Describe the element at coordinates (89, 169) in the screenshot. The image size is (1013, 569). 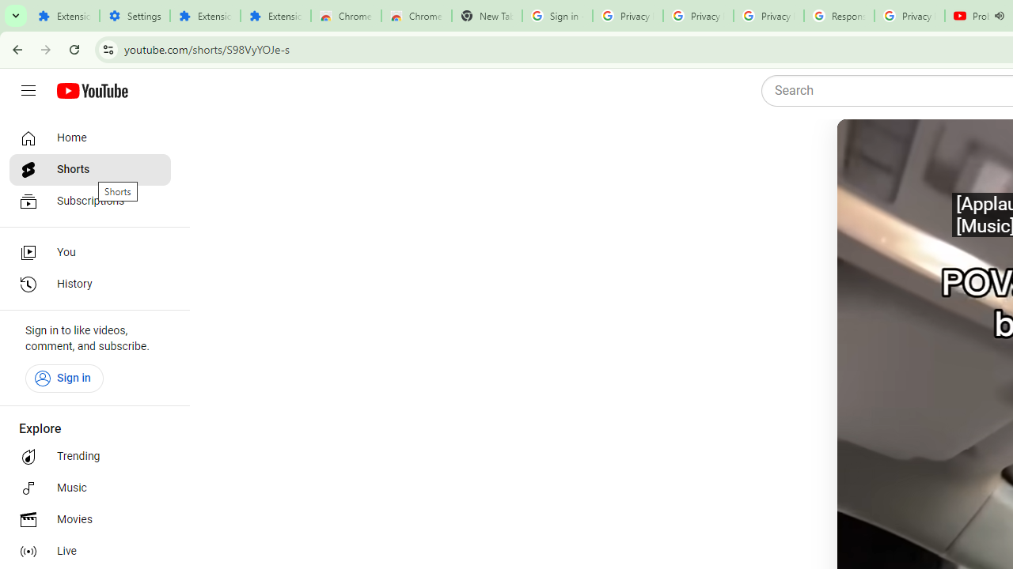
I see `'Shorts'` at that location.